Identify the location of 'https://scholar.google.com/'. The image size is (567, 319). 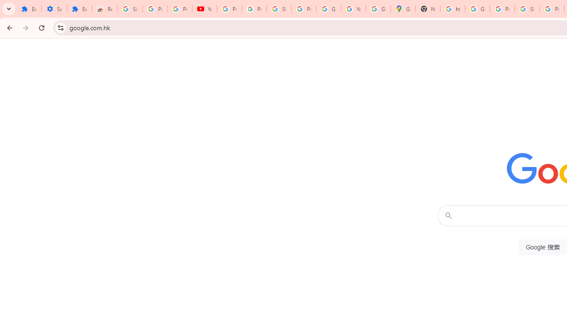
(453, 9).